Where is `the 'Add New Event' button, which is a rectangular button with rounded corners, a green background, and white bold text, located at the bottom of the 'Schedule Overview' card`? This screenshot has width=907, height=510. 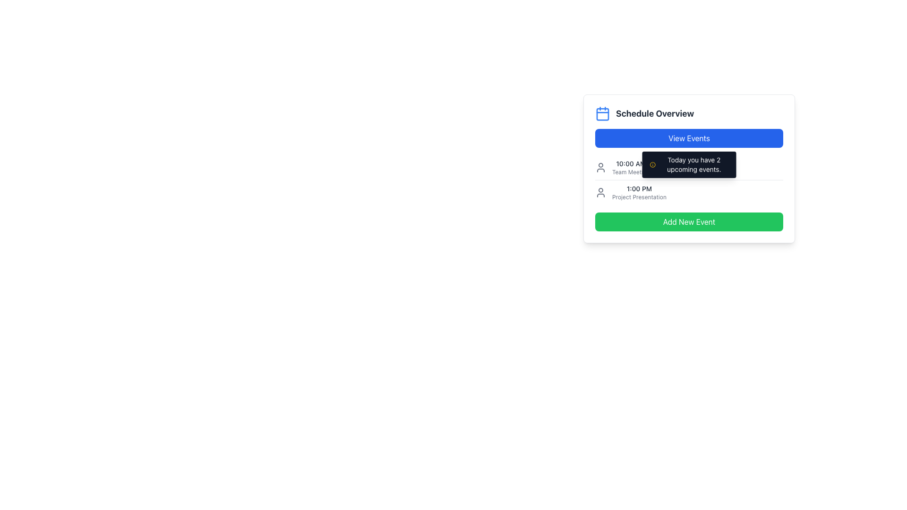 the 'Add New Event' button, which is a rectangular button with rounded corners, a green background, and white bold text, located at the bottom of the 'Schedule Overview' card is located at coordinates (689, 222).